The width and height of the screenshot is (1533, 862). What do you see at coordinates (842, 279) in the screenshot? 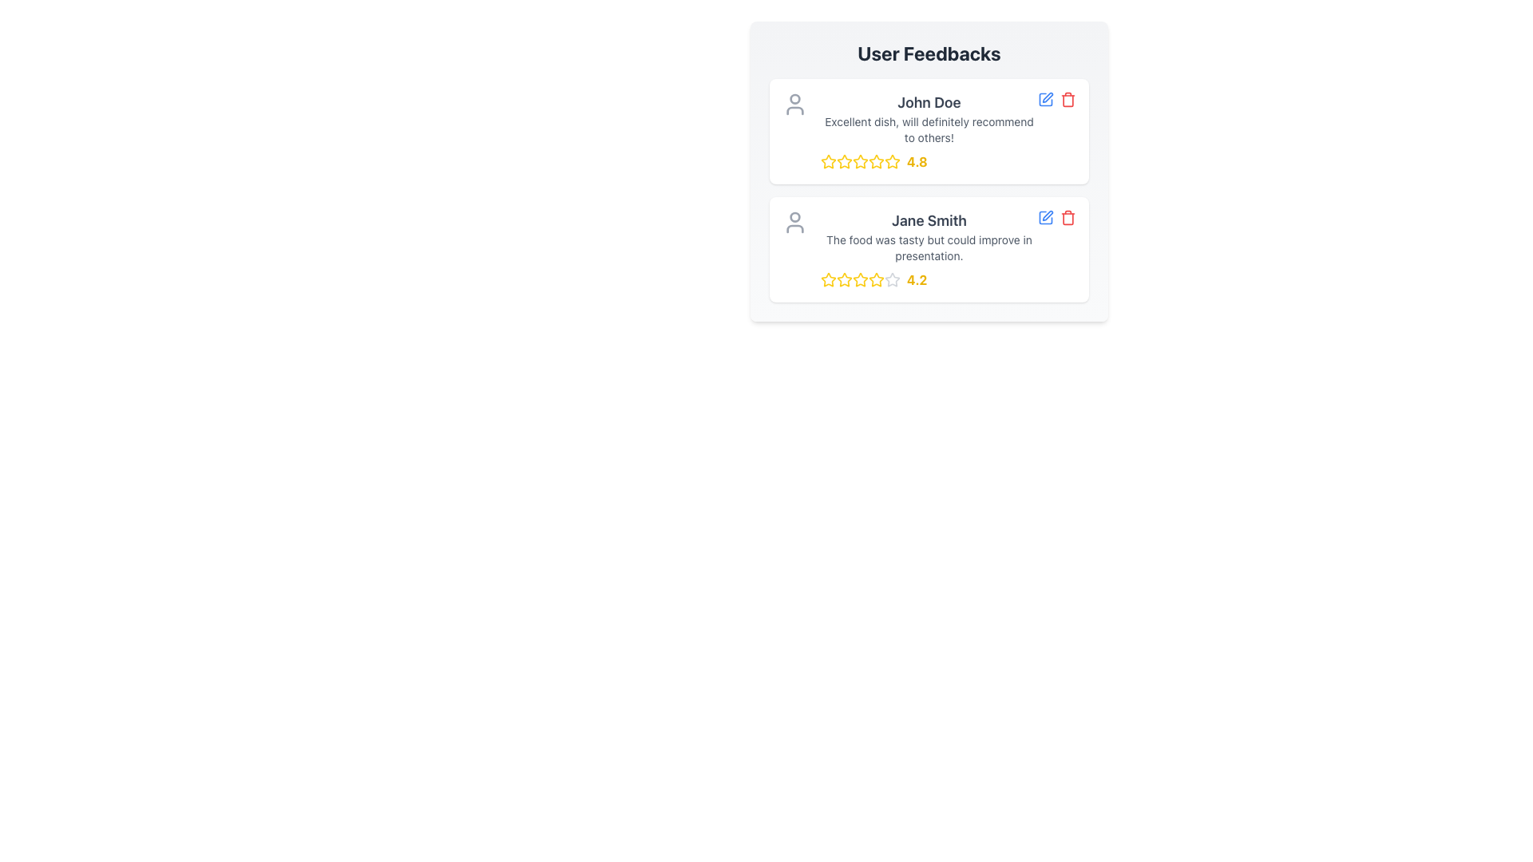
I see `the second star in the five-star rating system under the 'User Feedbacks' heading` at bounding box center [842, 279].